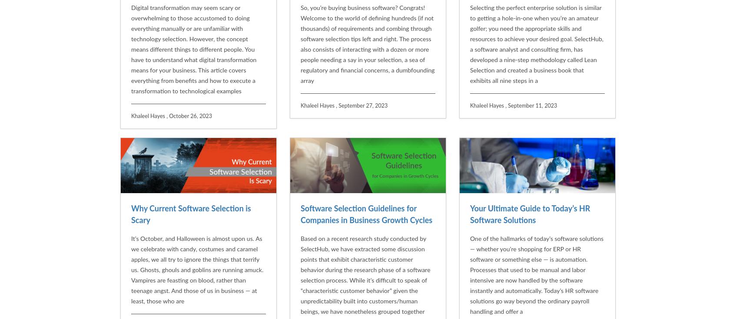 The width and height of the screenshot is (736, 319). I want to click on 'Technology Selection is Social', so click(182, 296).